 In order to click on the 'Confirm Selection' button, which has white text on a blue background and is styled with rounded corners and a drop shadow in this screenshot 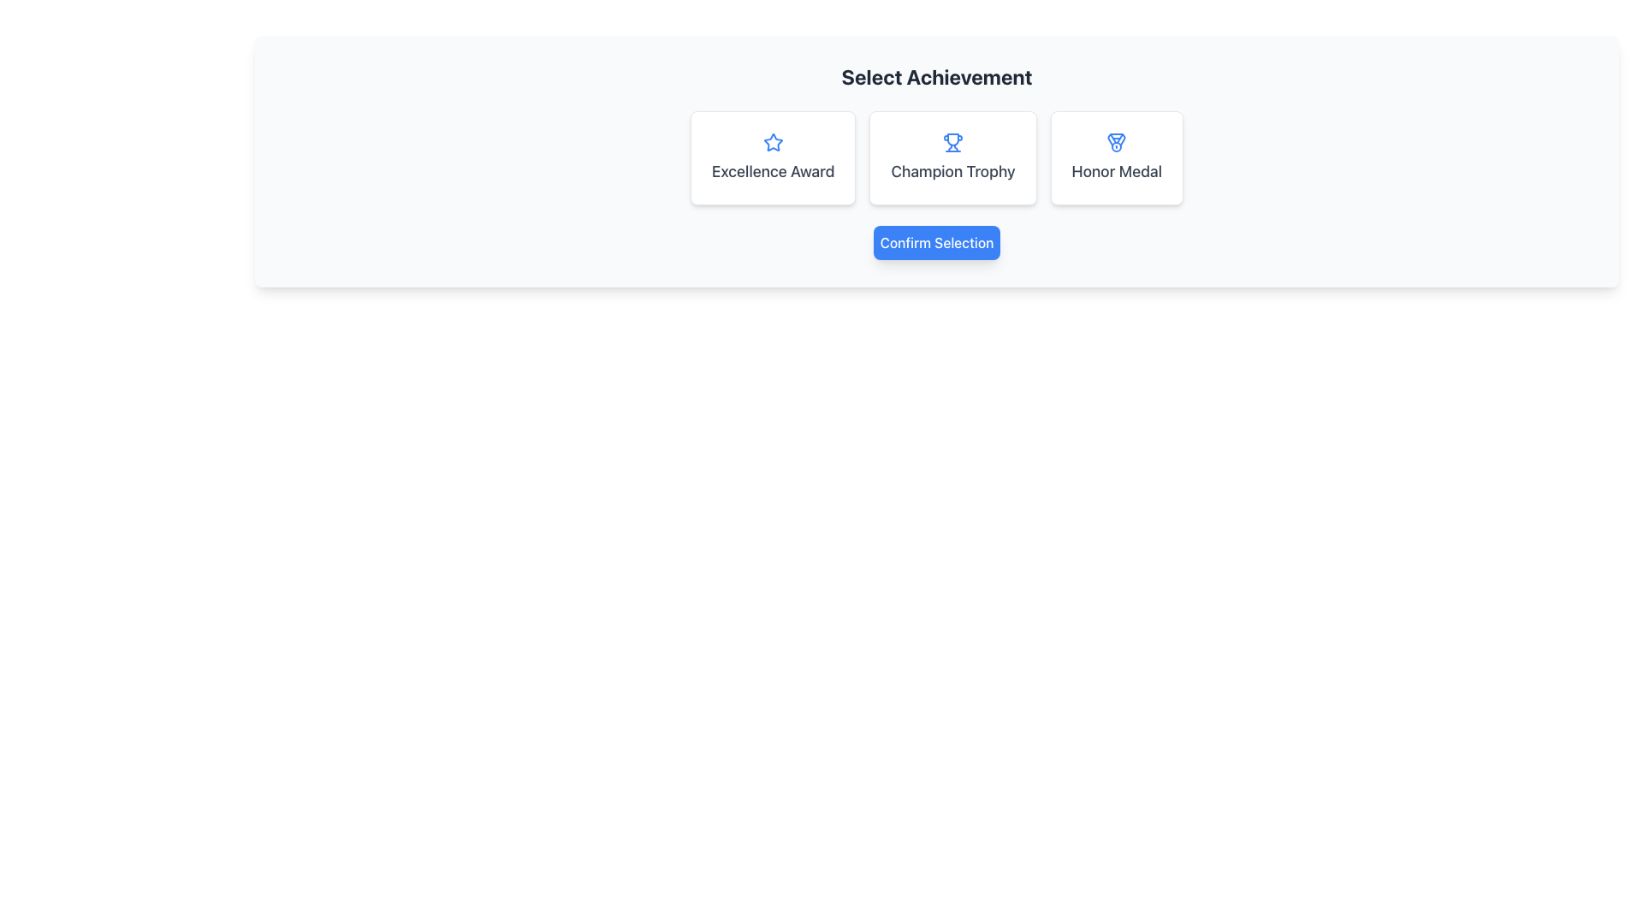, I will do `click(935, 243)`.